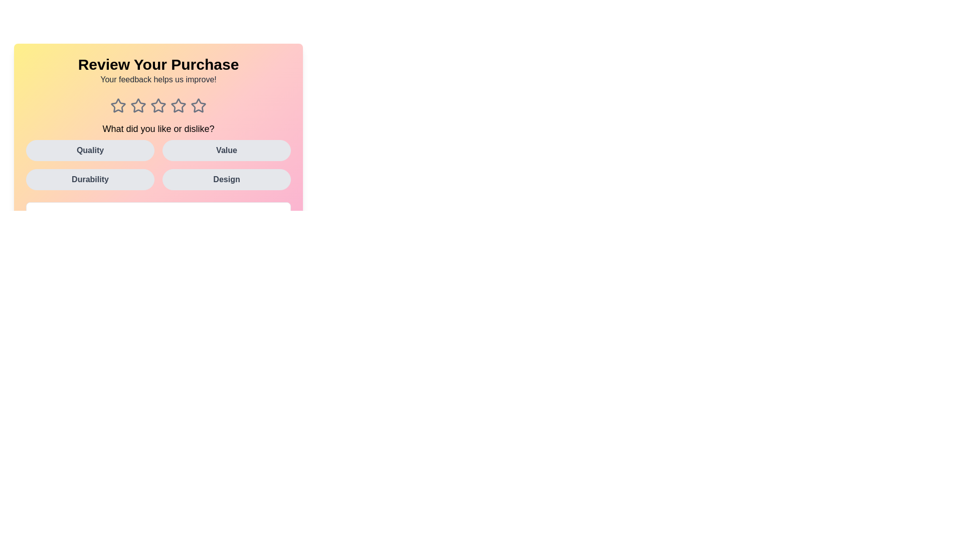 Image resolution: width=963 pixels, height=542 pixels. What do you see at coordinates (178, 105) in the screenshot?
I see `the third interactive star icon from the left, which is part of a rating system` at bounding box center [178, 105].